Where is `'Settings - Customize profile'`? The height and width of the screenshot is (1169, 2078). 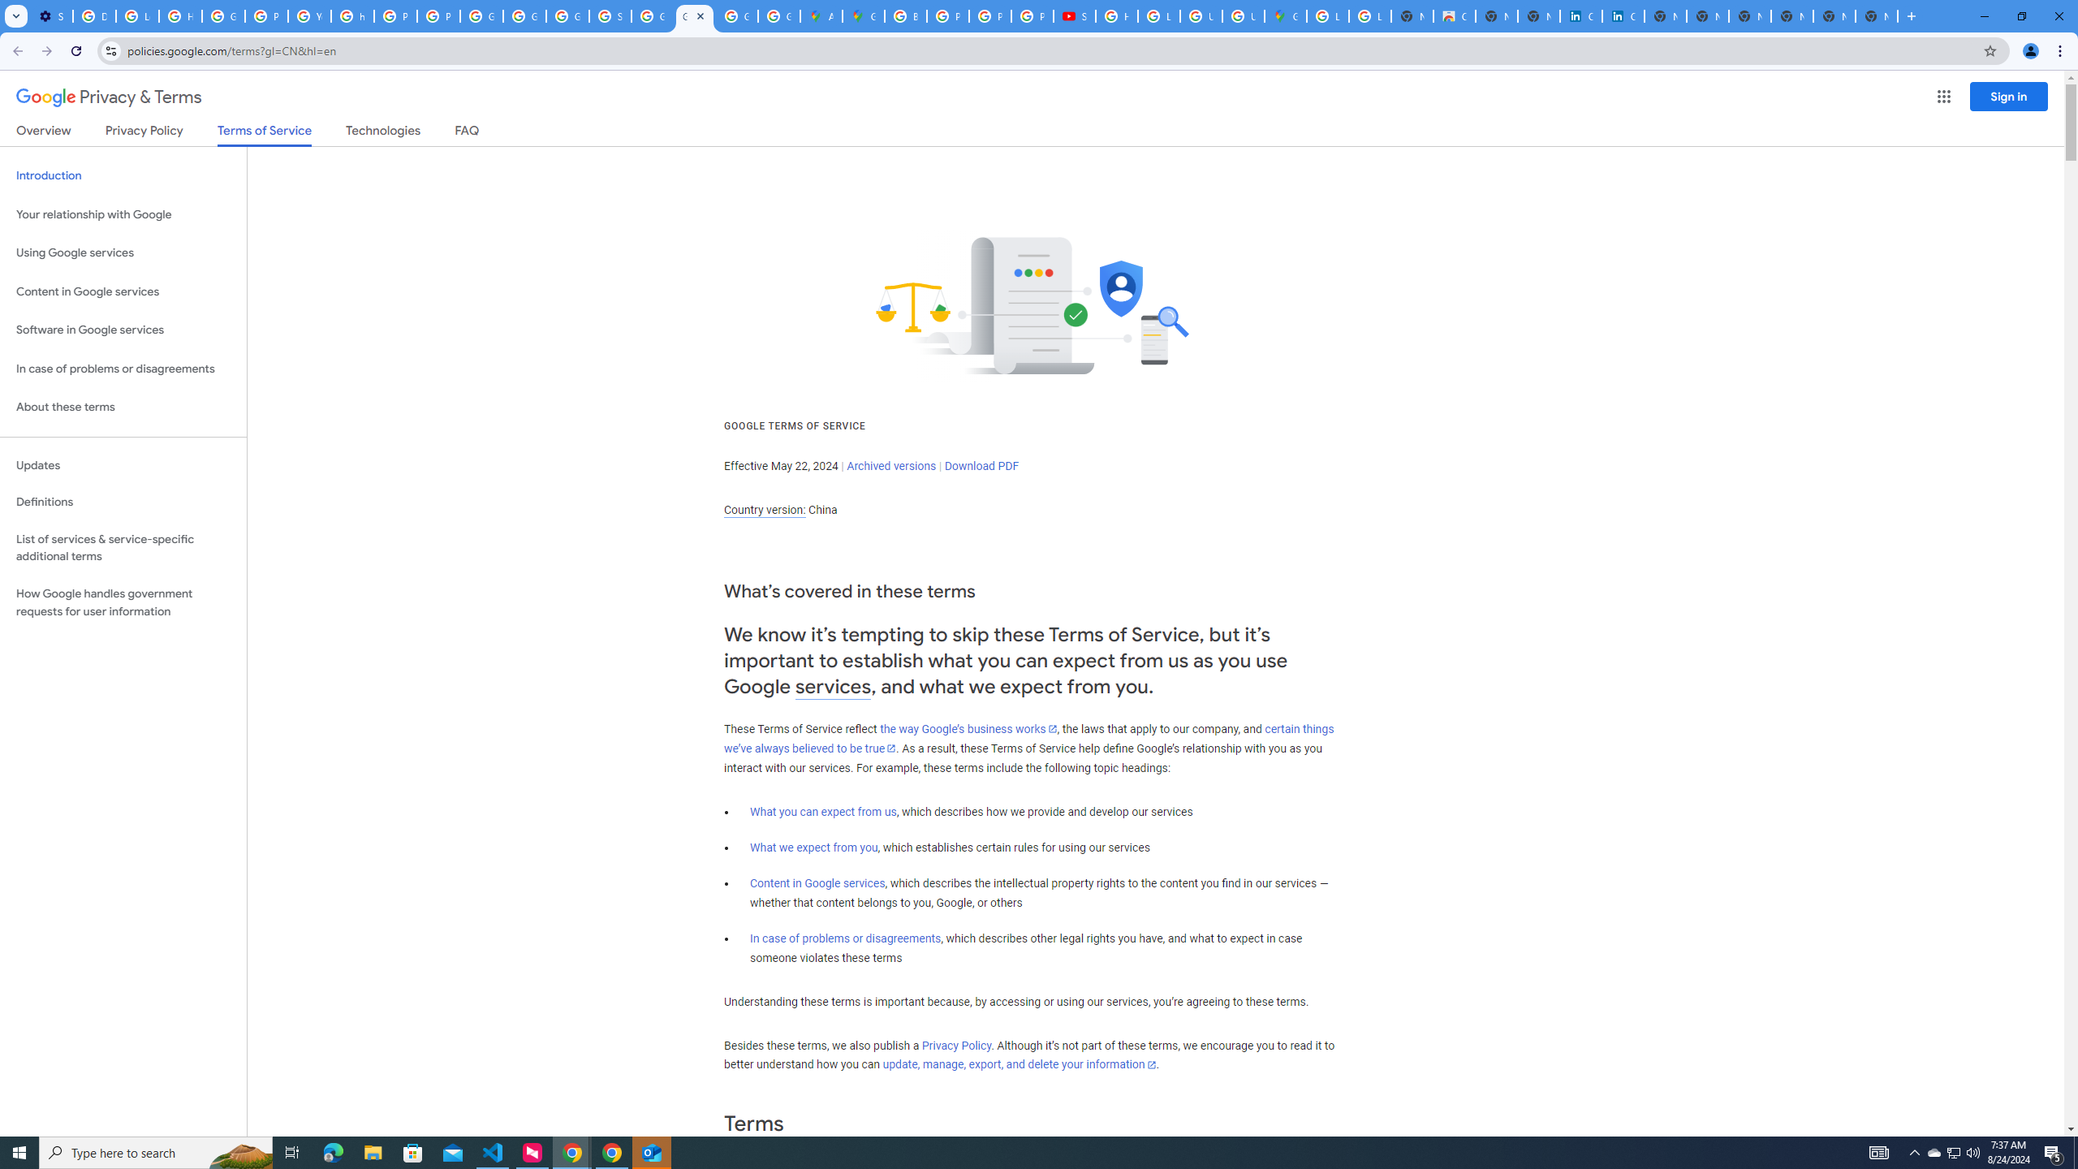
'Settings - Customize profile' is located at coordinates (52, 15).